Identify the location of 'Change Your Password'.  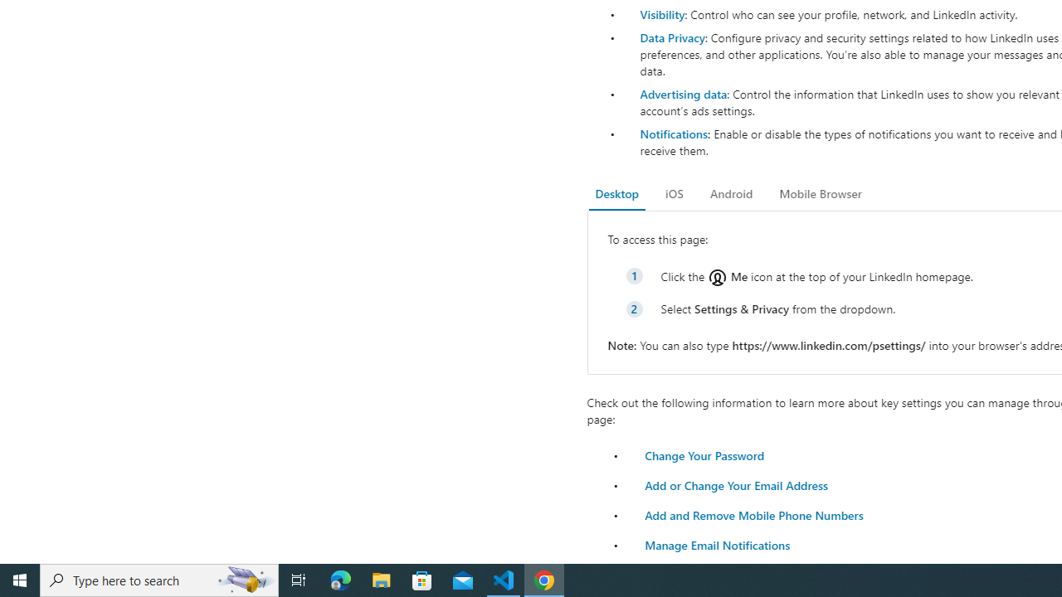
(704, 455).